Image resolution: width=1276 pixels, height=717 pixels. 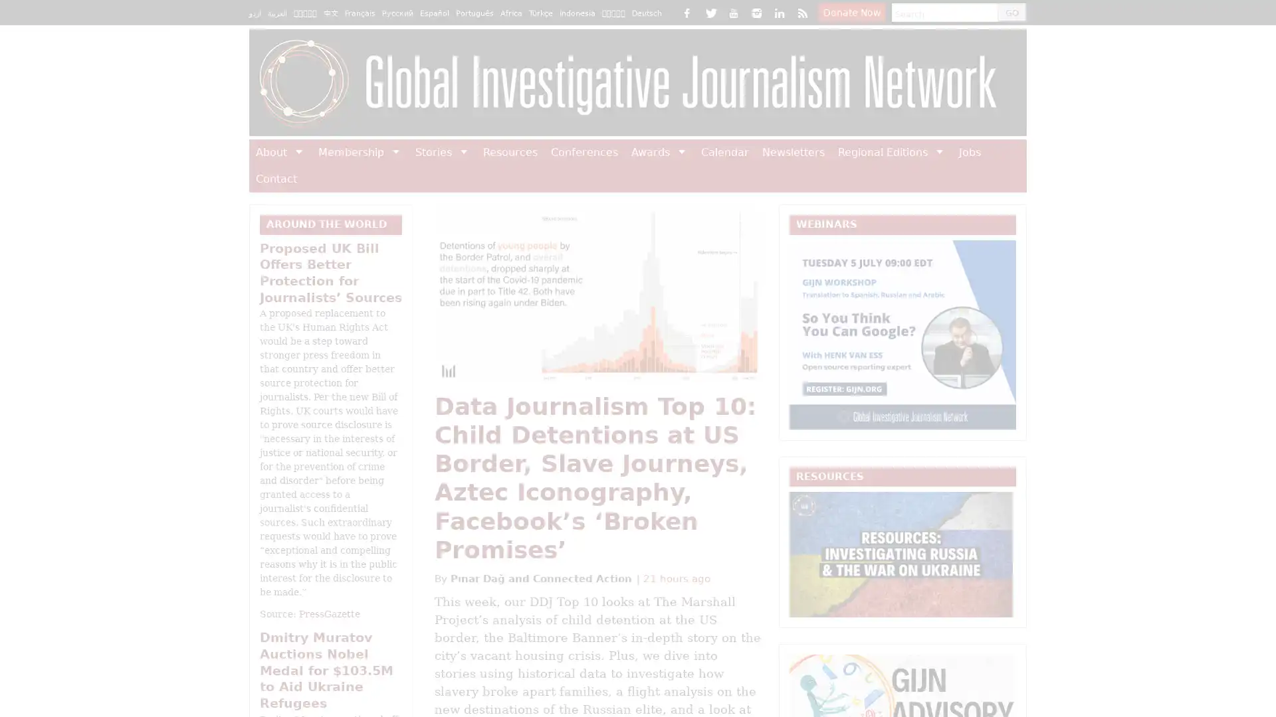 What do you see at coordinates (937, 76) in the screenshot?
I see `Close` at bounding box center [937, 76].